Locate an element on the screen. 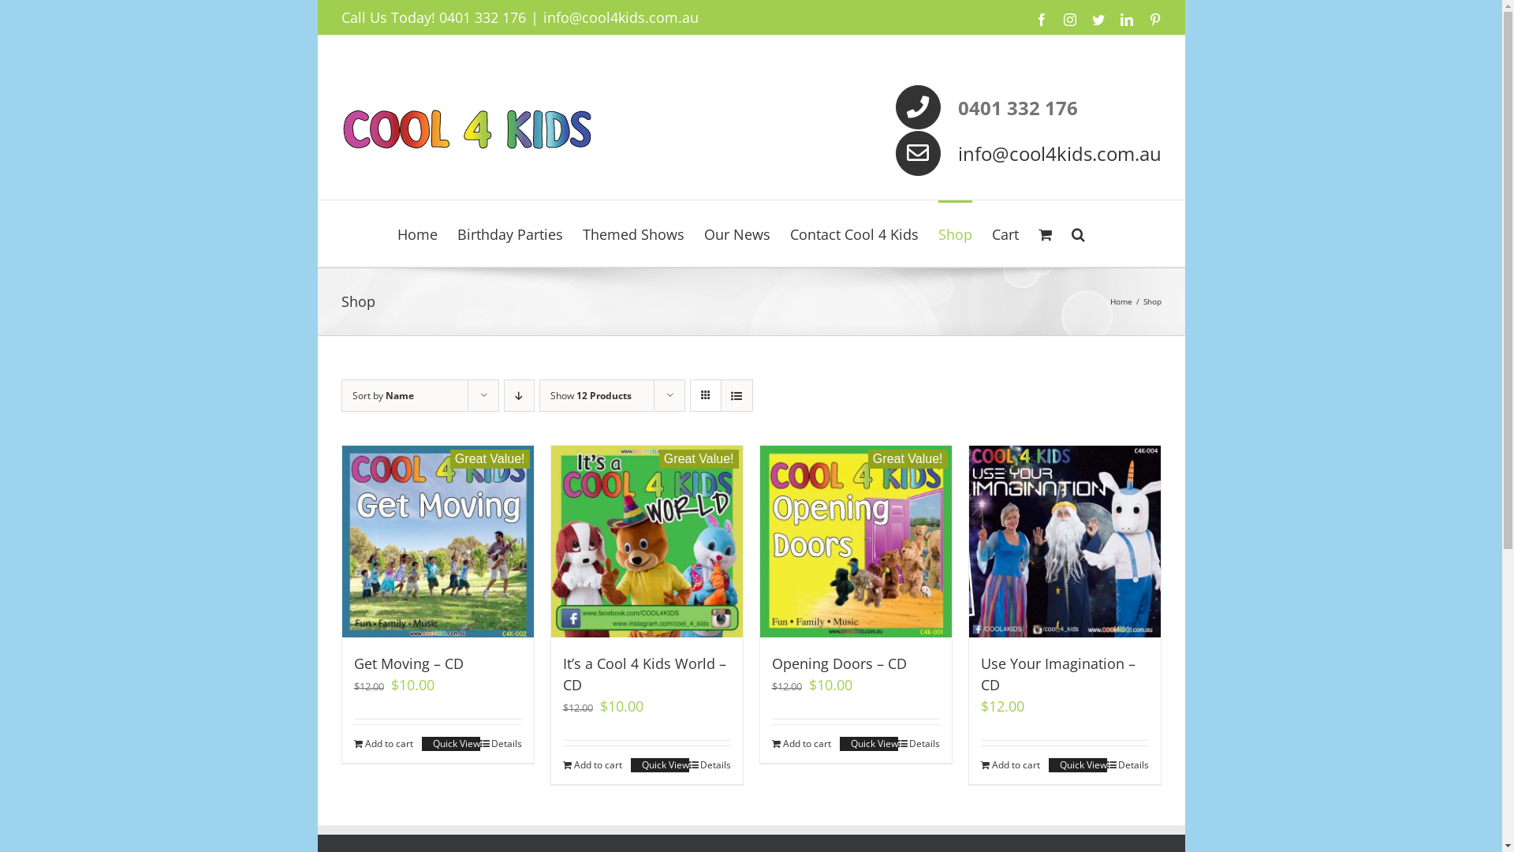 The image size is (1514, 852). 'Cart' is located at coordinates (1005, 234).